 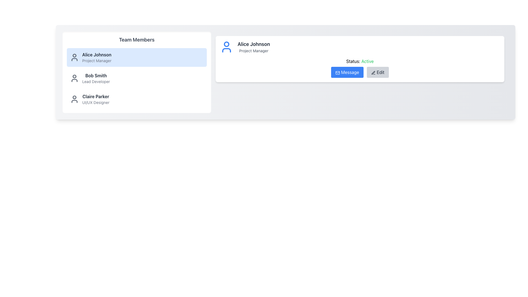 I want to click on the text label 'Alice Johnson' located in the left sidebar under the 'Team Members' section, so click(x=97, y=55).